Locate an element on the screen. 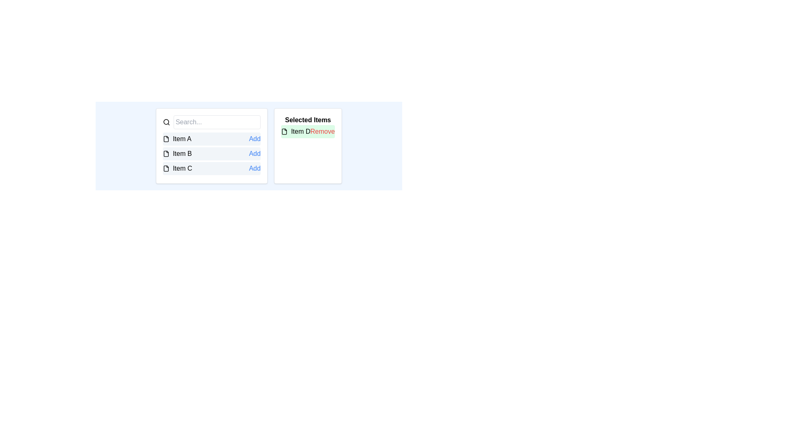 The image size is (788, 443). the file icon located in the third item of the list, which corresponds to 'Item C', positioned to the left of the text label is located at coordinates (166, 168).